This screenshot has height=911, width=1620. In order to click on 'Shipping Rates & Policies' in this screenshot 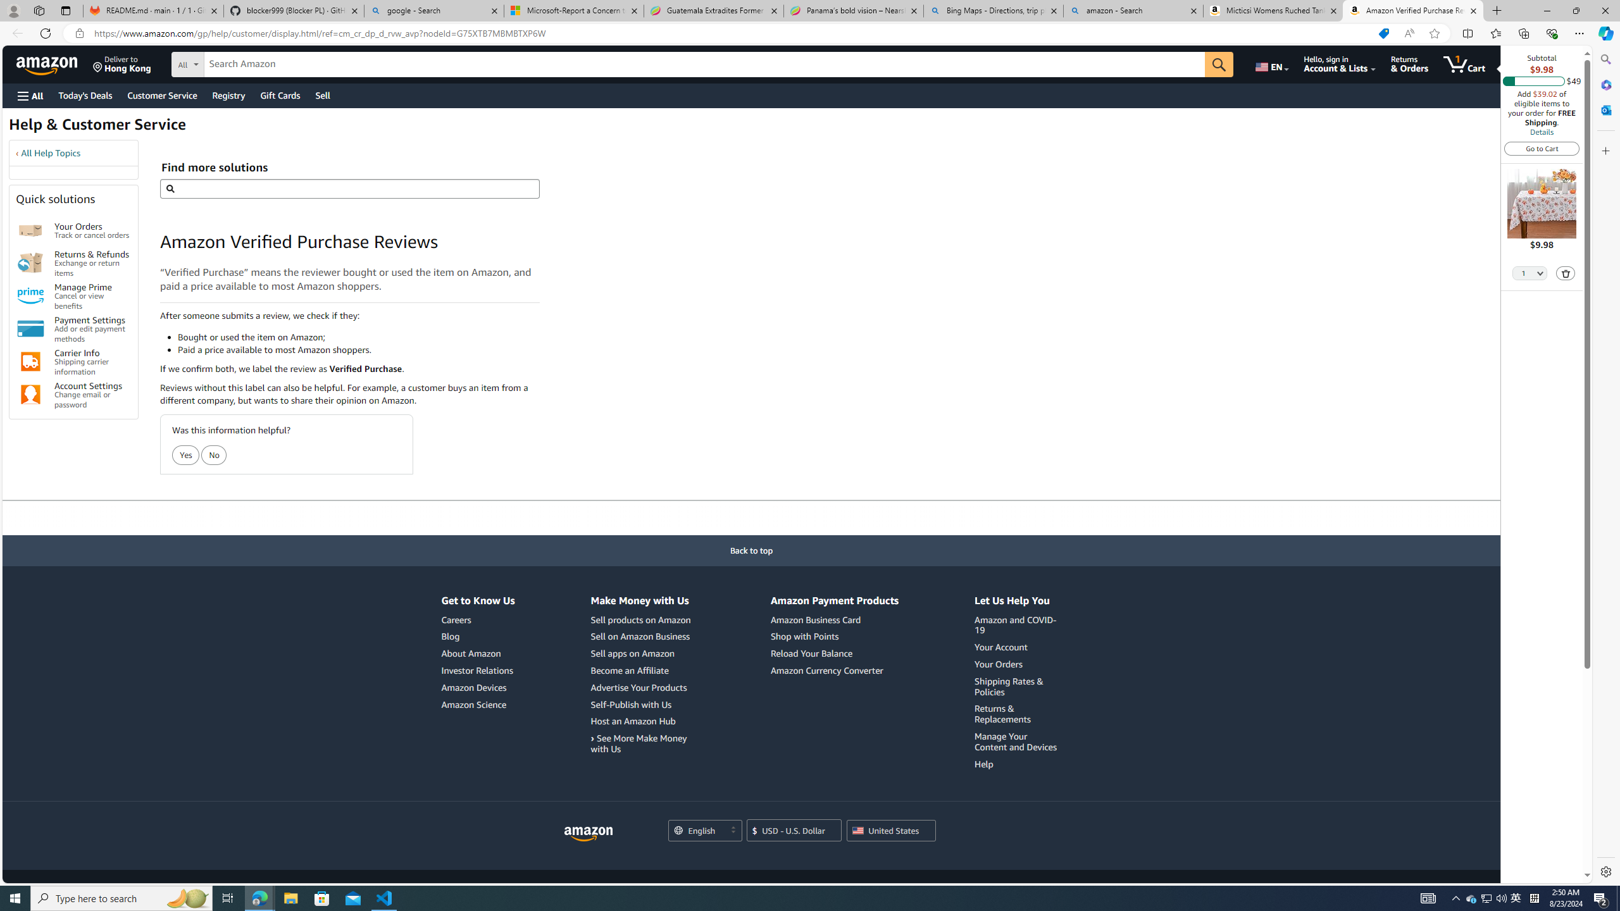, I will do `click(1008, 686)`.